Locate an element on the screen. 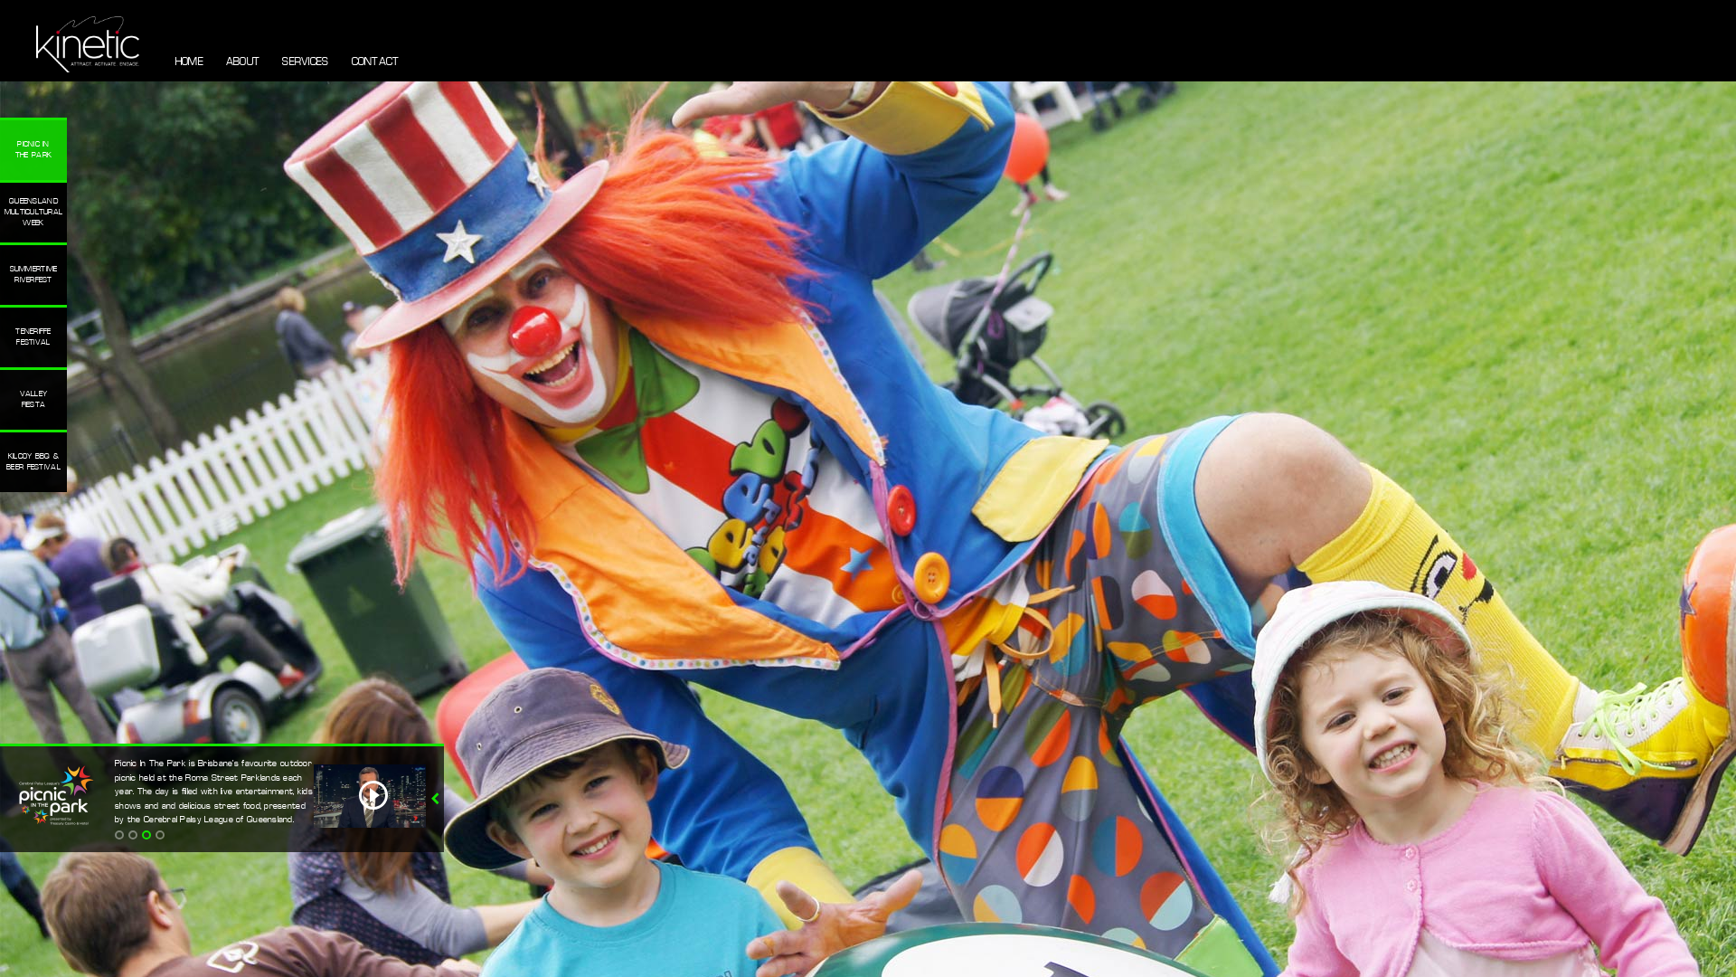  'TENERIFFE FESTIVAL' is located at coordinates (33, 336).